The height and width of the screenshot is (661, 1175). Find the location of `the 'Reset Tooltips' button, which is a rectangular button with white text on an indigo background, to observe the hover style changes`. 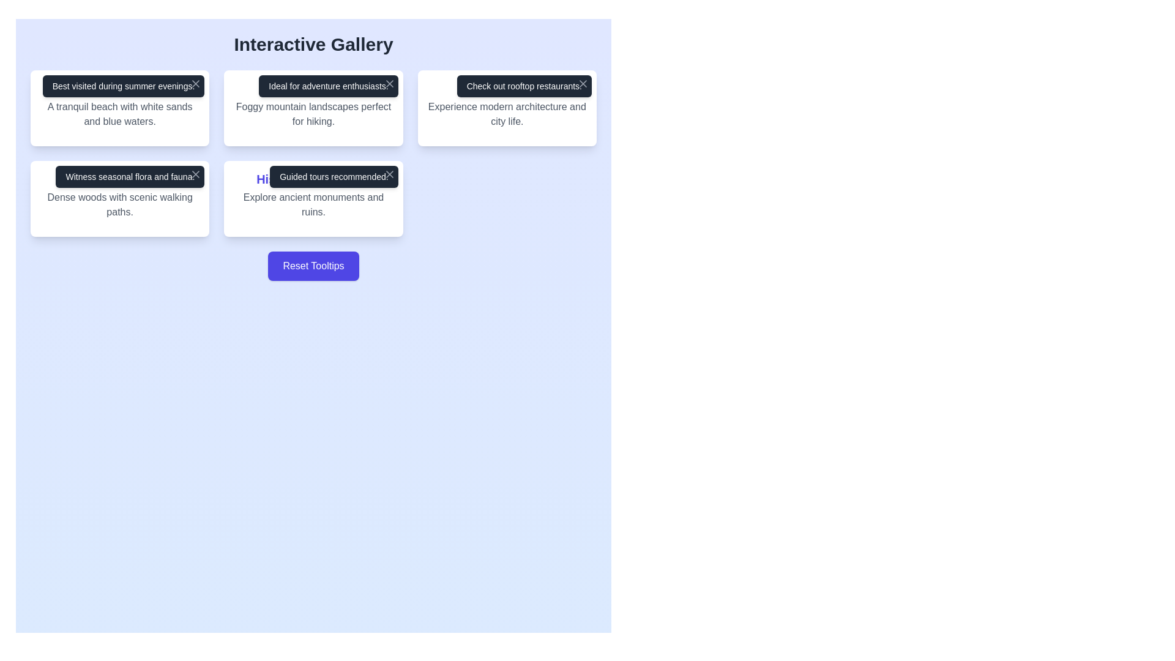

the 'Reset Tooltips' button, which is a rectangular button with white text on an indigo background, to observe the hover style changes is located at coordinates (313, 266).